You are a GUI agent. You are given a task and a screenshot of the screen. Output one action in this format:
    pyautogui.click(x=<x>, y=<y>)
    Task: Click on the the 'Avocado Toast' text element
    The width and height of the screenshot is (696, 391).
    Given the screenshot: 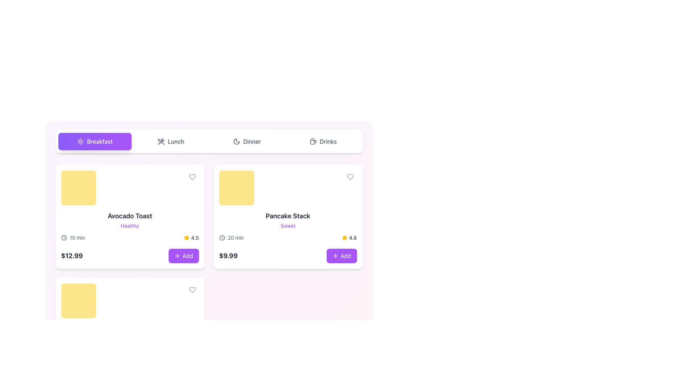 What is the action you would take?
    pyautogui.click(x=130, y=220)
    